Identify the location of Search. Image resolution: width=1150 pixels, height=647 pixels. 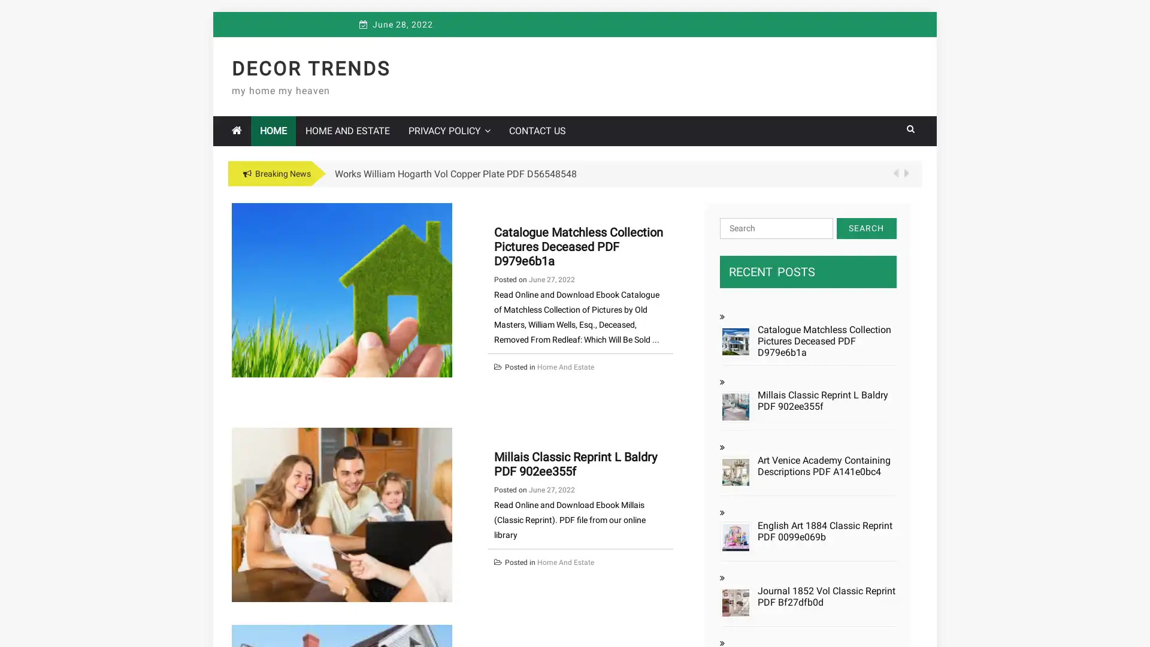
(865, 228).